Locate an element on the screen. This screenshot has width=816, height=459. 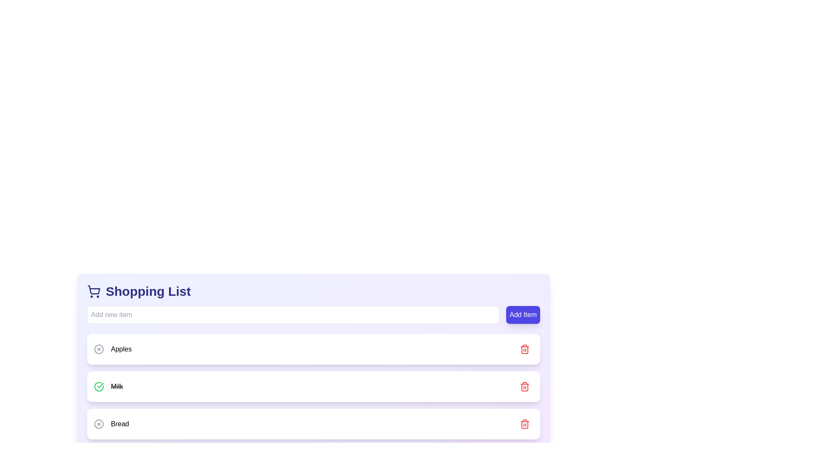
the trash bin icon button located on the far right of the third item, 'Bread', in the shopping list is located at coordinates (524, 424).